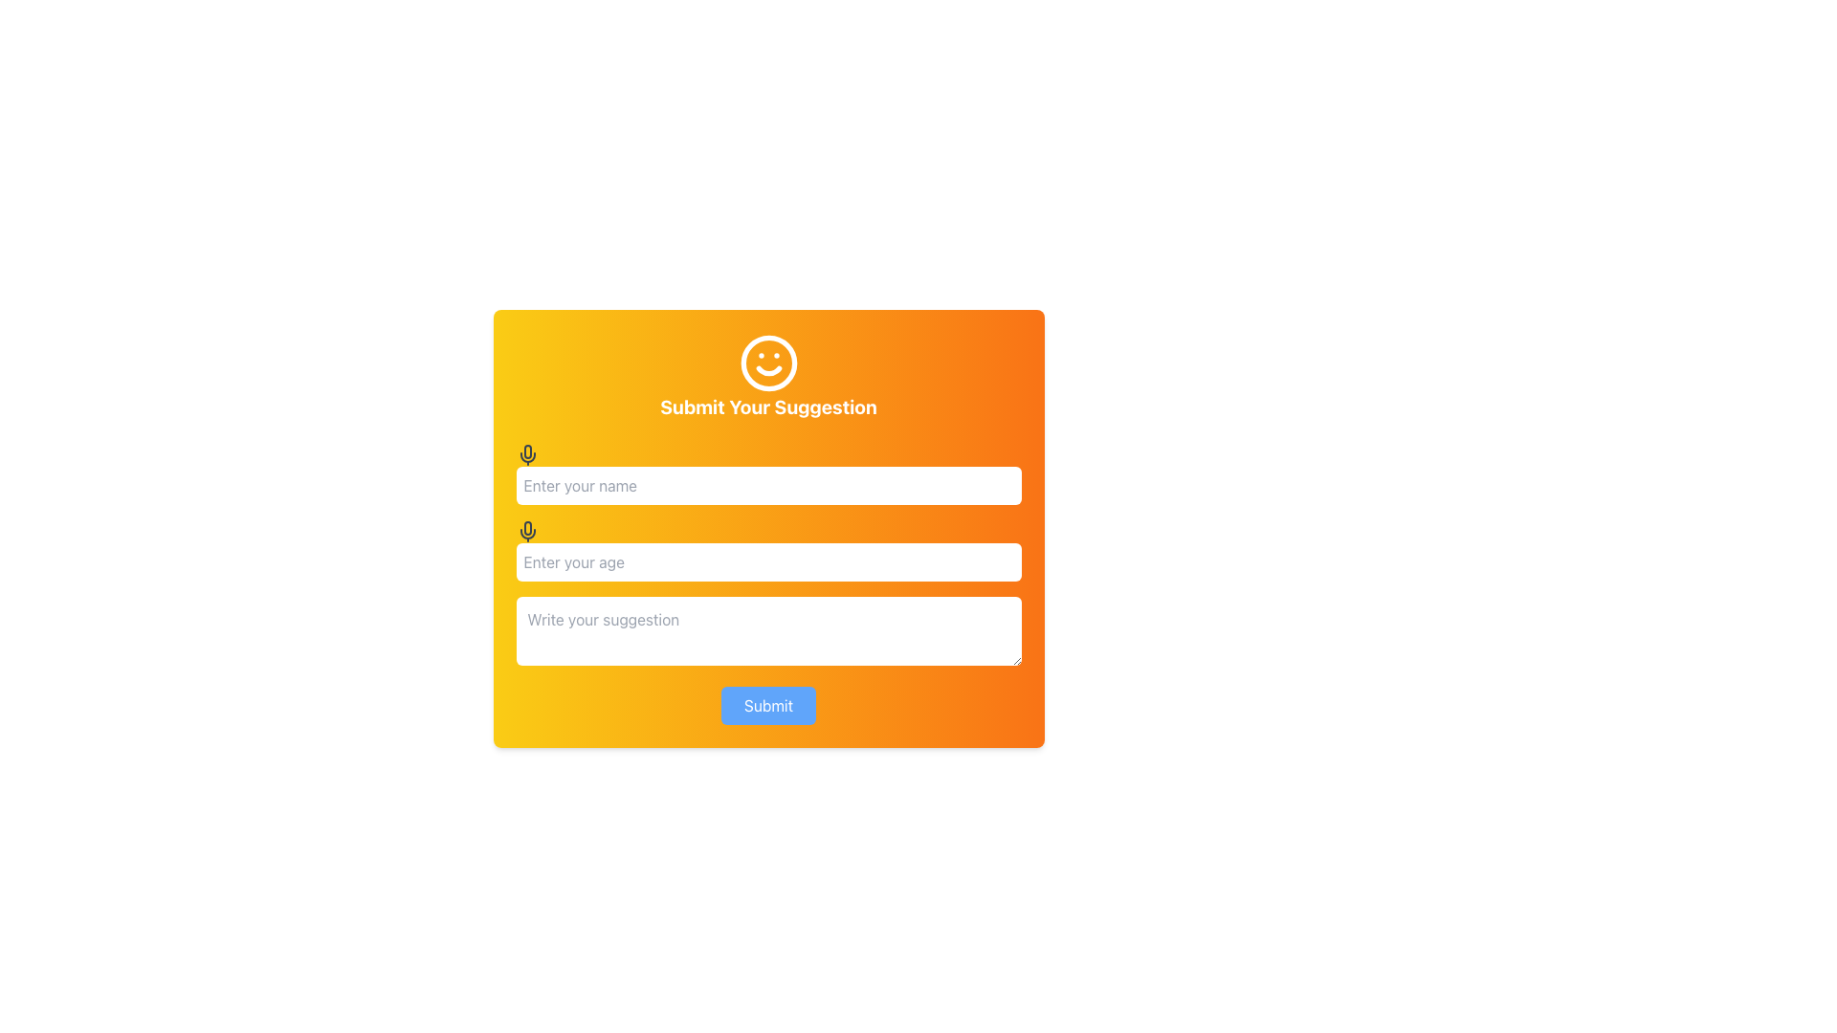 The image size is (1837, 1033). Describe the element at coordinates (768, 371) in the screenshot. I see `the smiling mouth arc of the circular face icon located at the center-top position of the interface` at that location.